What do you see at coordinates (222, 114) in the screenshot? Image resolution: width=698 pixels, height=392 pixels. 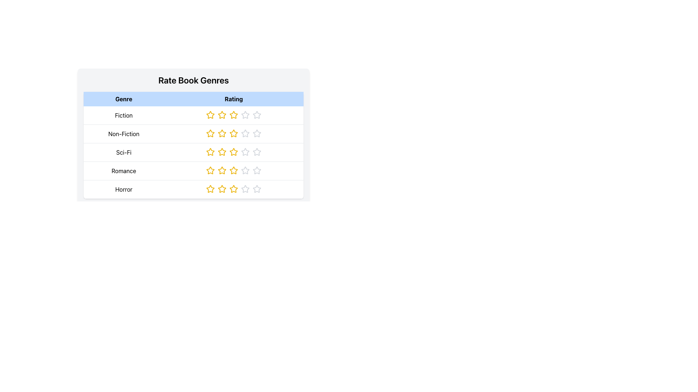 I see `the filled yellow star icon, which is the second star in the rating group under the 'Fiction' row header` at bounding box center [222, 114].